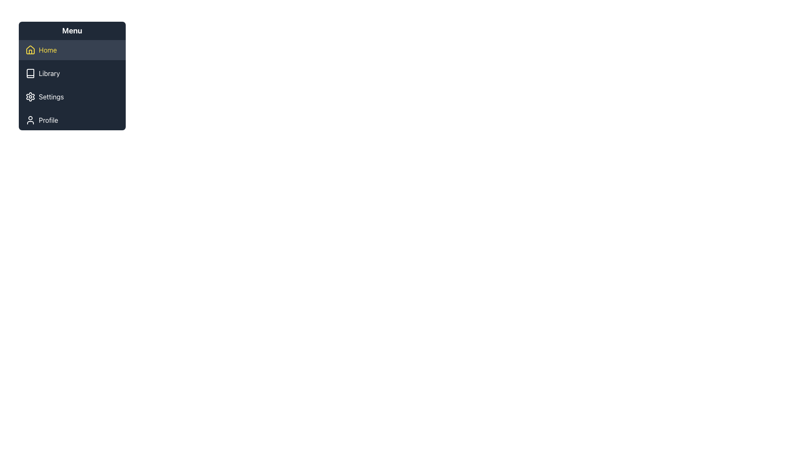 The image size is (802, 451). Describe the element at coordinates (30, 120) in the screenshot. I see `the 'Profile' icon located to the left of the 'Profile' text in the navigation menu` at that location.